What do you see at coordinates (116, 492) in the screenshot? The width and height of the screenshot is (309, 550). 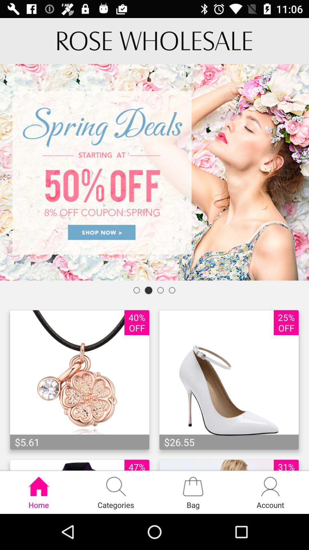 I see `second option at bottom left` at bounding box center [116, 492].